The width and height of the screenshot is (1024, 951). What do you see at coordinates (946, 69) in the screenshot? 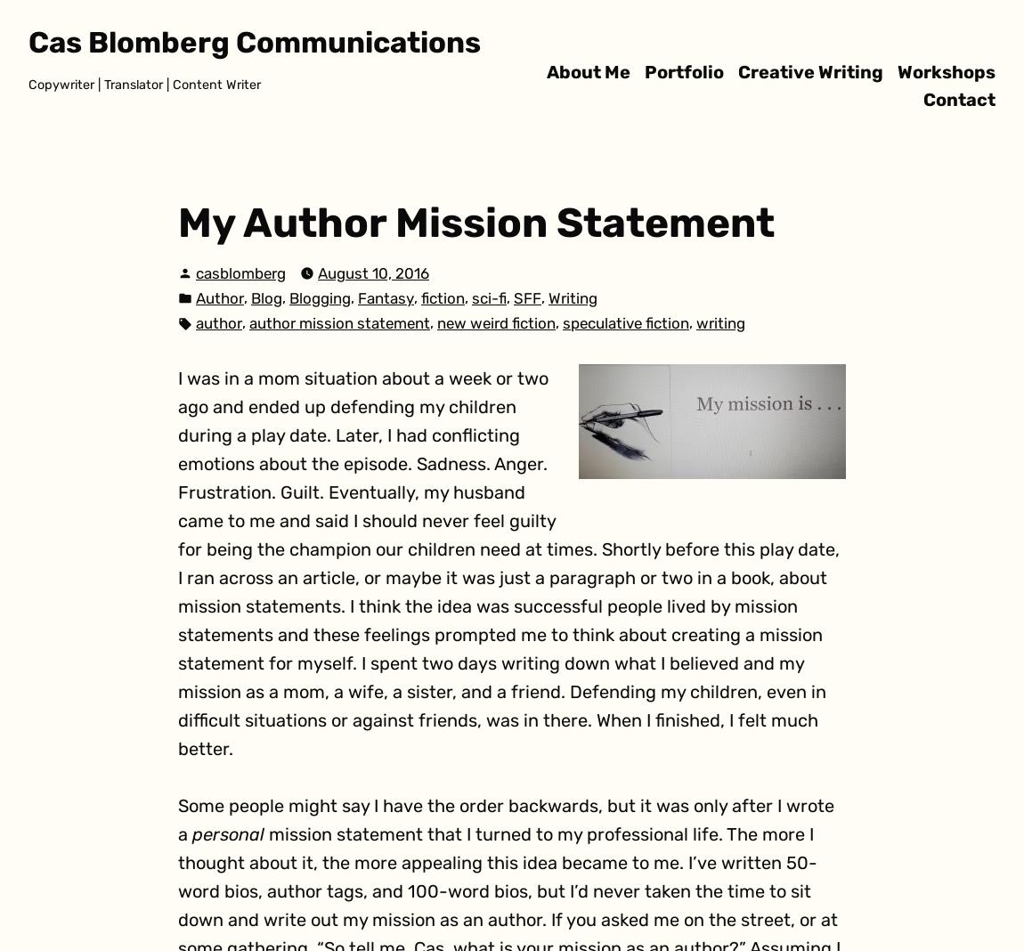
I see `'Workshops'` at bounding box center [946, 69].